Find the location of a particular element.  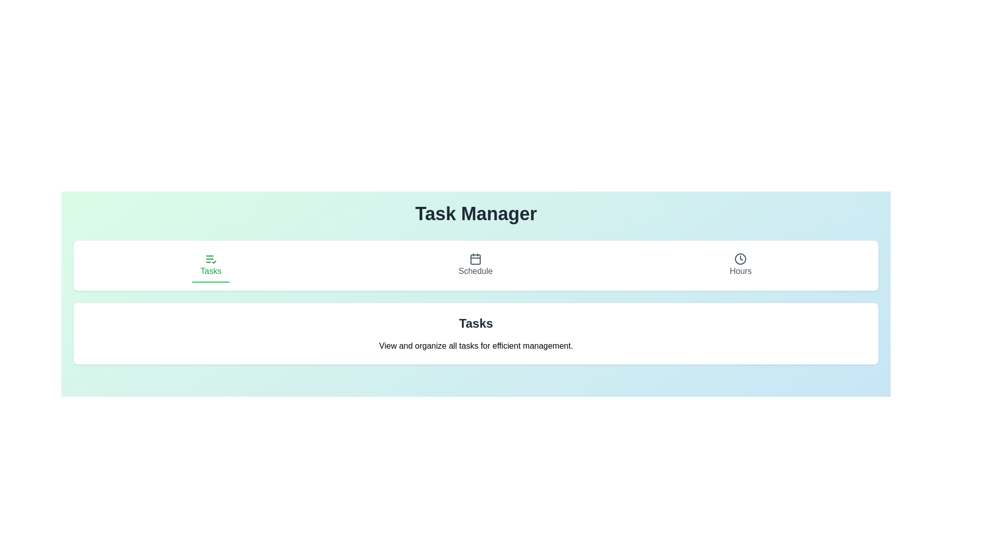

title of the primary heading labeled 'Task Manager', which is centrally located at the top of the interface is located at coordinates (476, 213).